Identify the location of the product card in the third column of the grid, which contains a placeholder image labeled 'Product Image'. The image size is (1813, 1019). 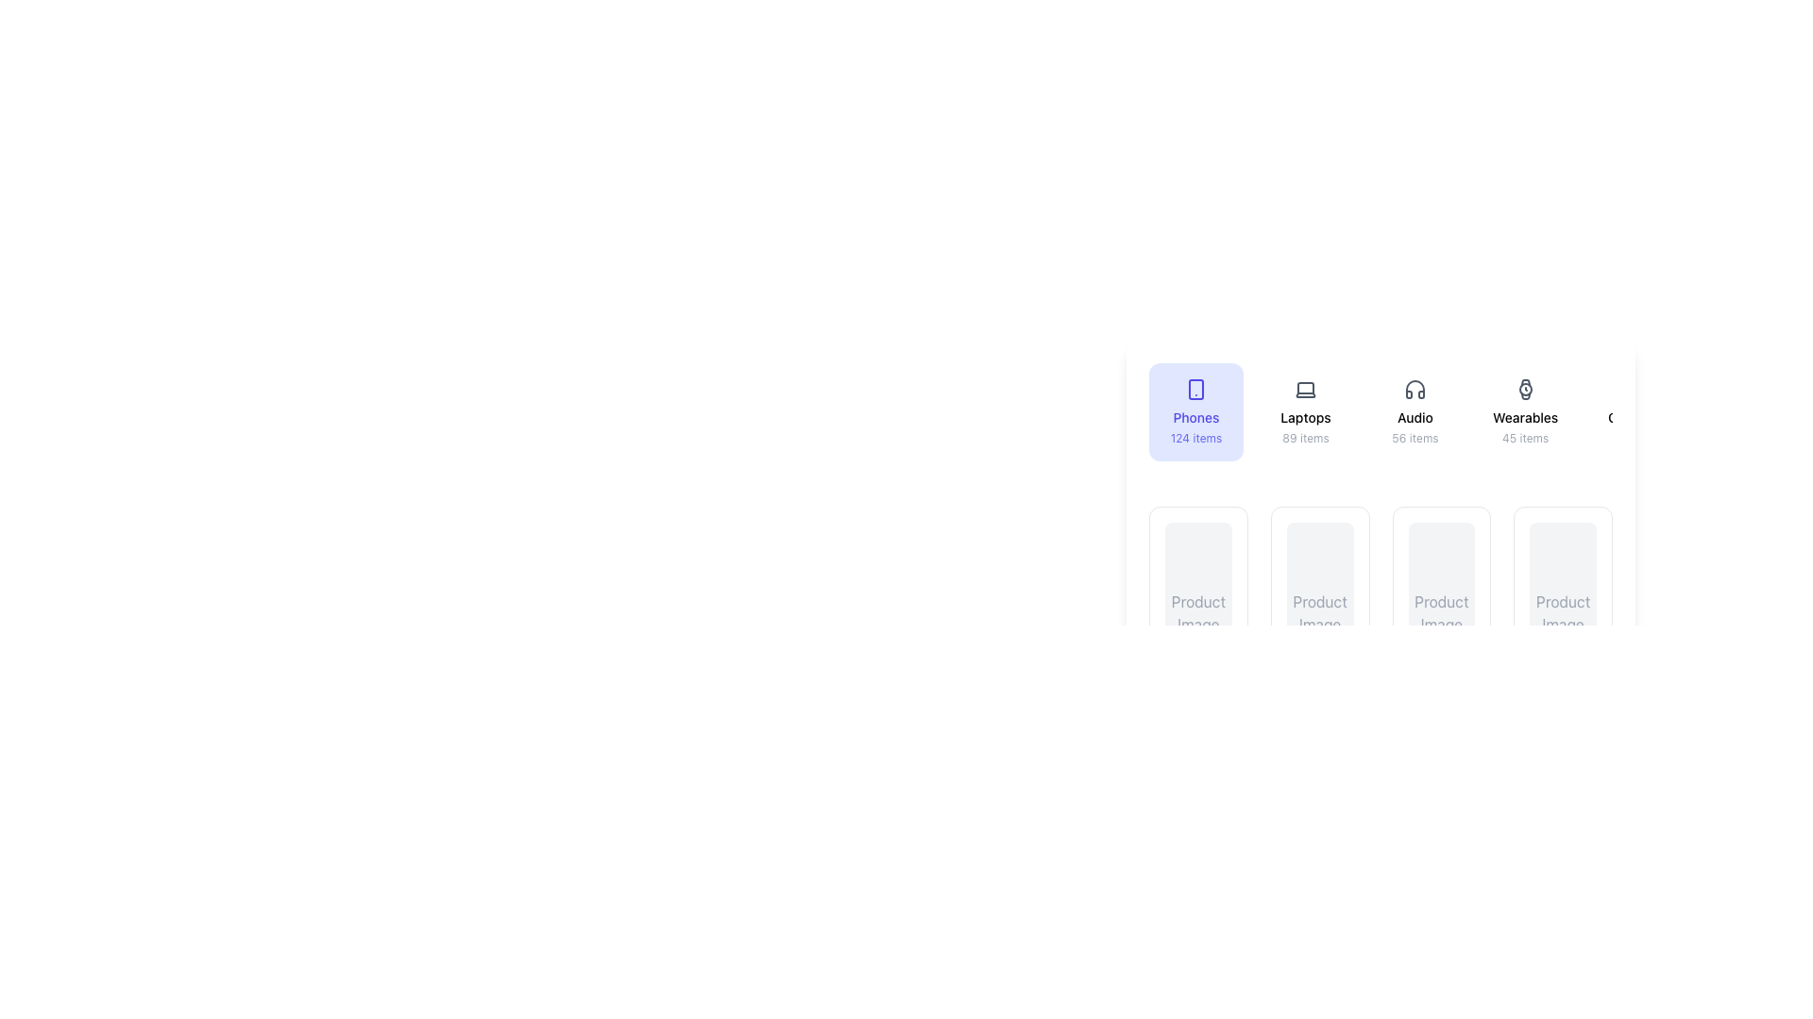
(1381, 585).